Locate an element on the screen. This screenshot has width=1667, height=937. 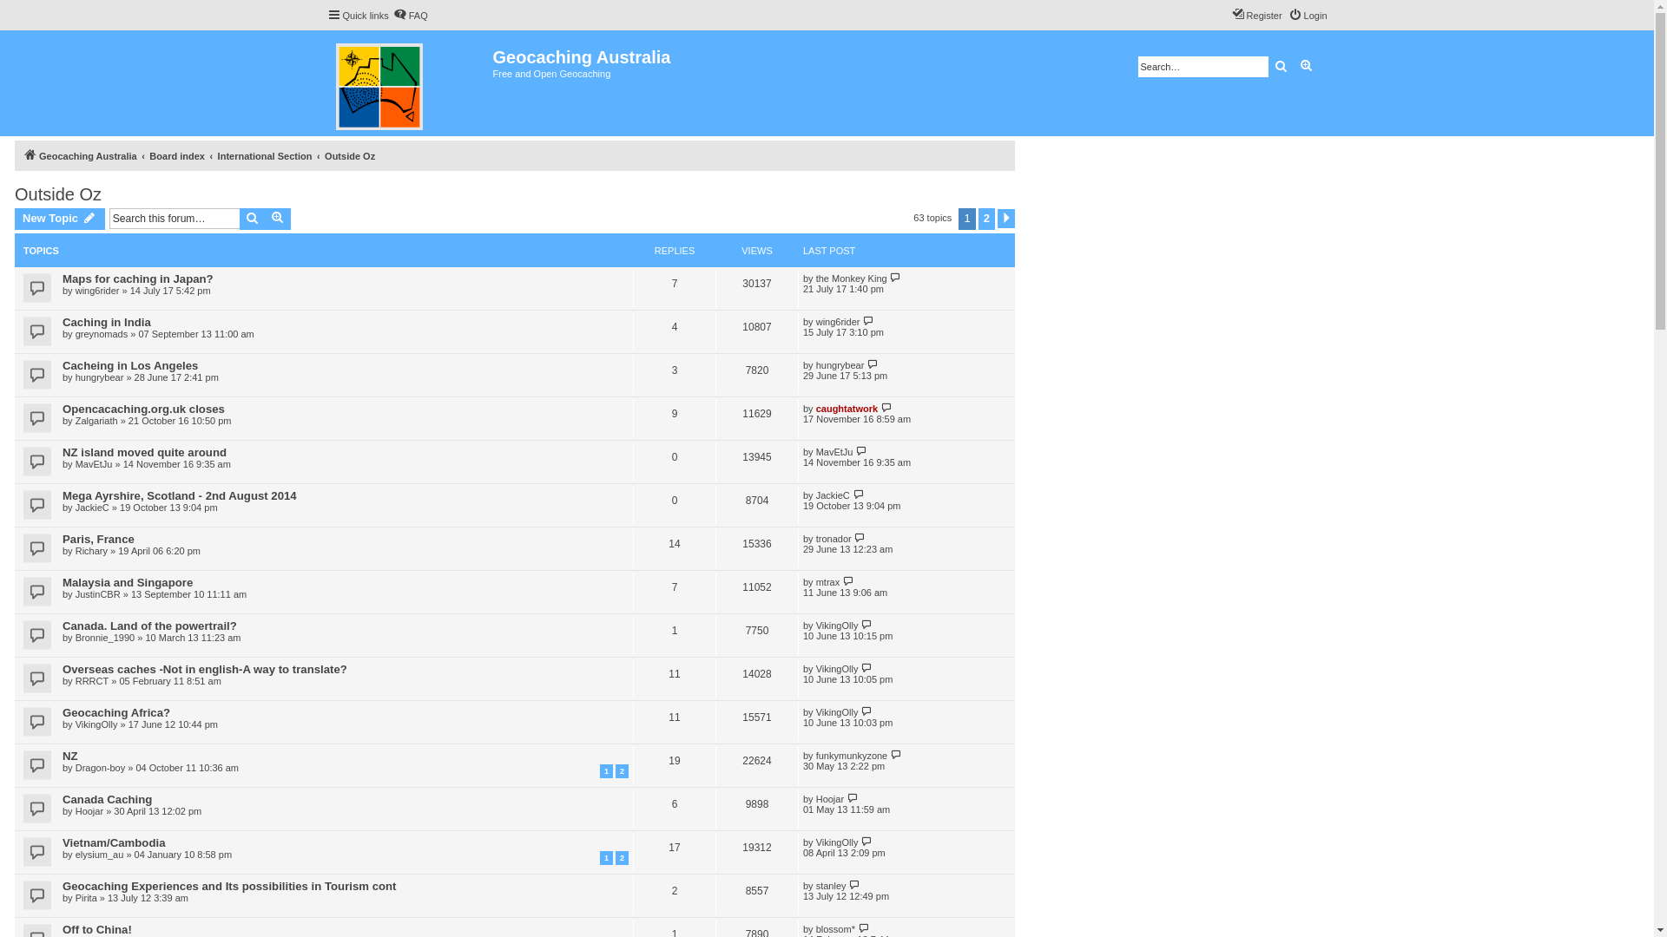
'tronador' is located at coordinates (833, 538).